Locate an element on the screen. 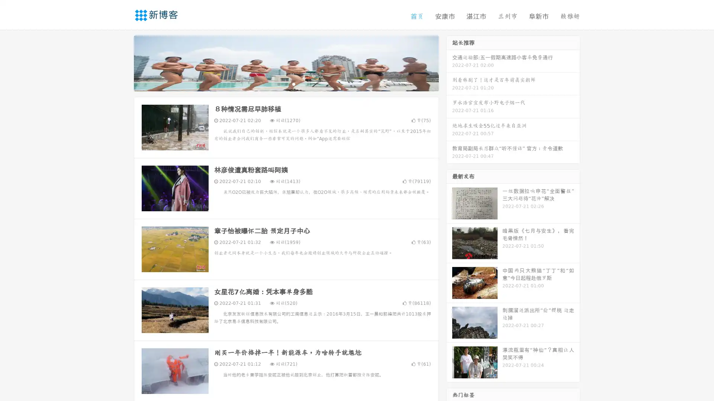 The height and width of the screenshot is (401, 714). Go to slide 1 is located at coordinates (278, 84).